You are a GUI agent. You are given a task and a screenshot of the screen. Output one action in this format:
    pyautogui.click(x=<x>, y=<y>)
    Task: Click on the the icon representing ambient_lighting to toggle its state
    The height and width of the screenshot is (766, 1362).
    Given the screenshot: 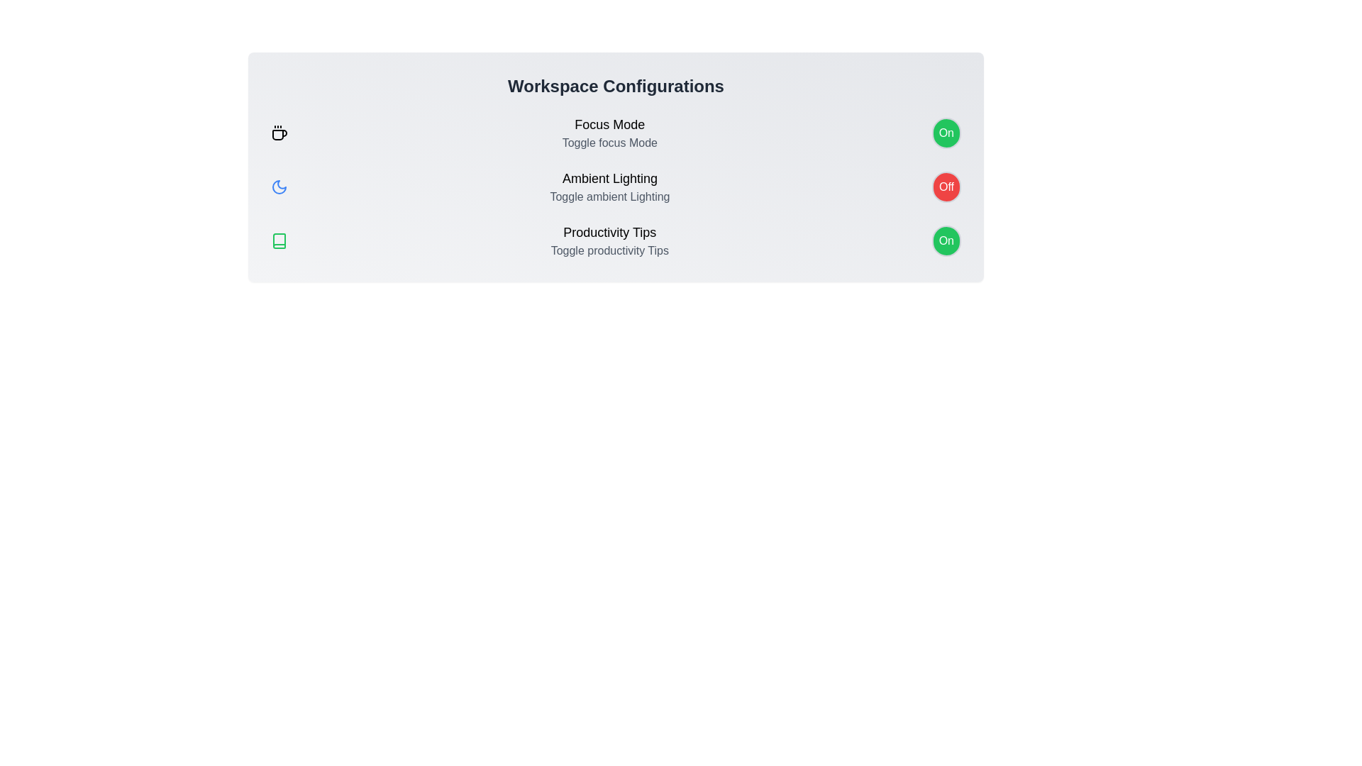 What is the action you would take?
    pyautogui.click(x=279, y=186)
    